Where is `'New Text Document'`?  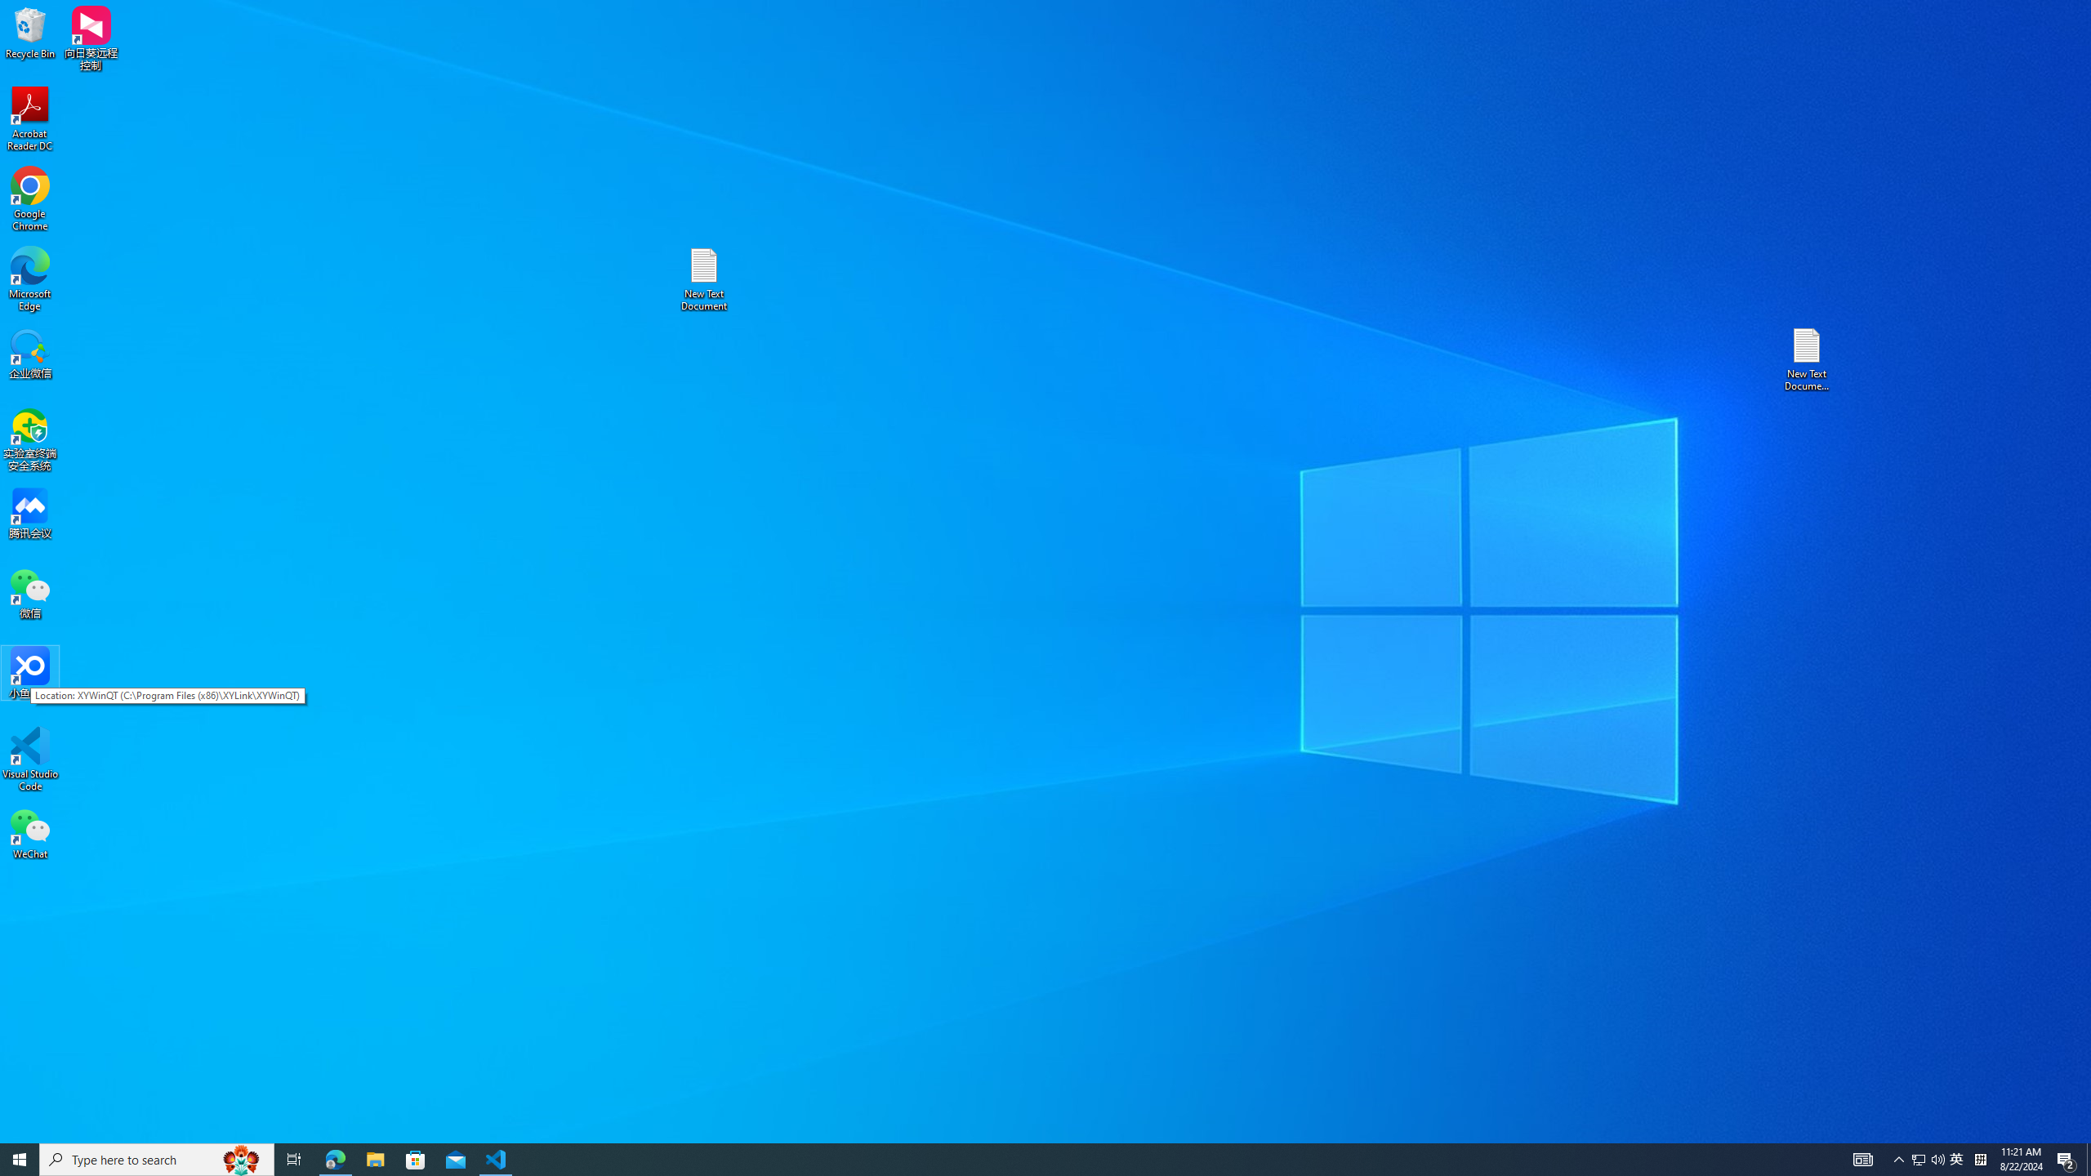 'New Text Document' is located at coordinates (702, 278).